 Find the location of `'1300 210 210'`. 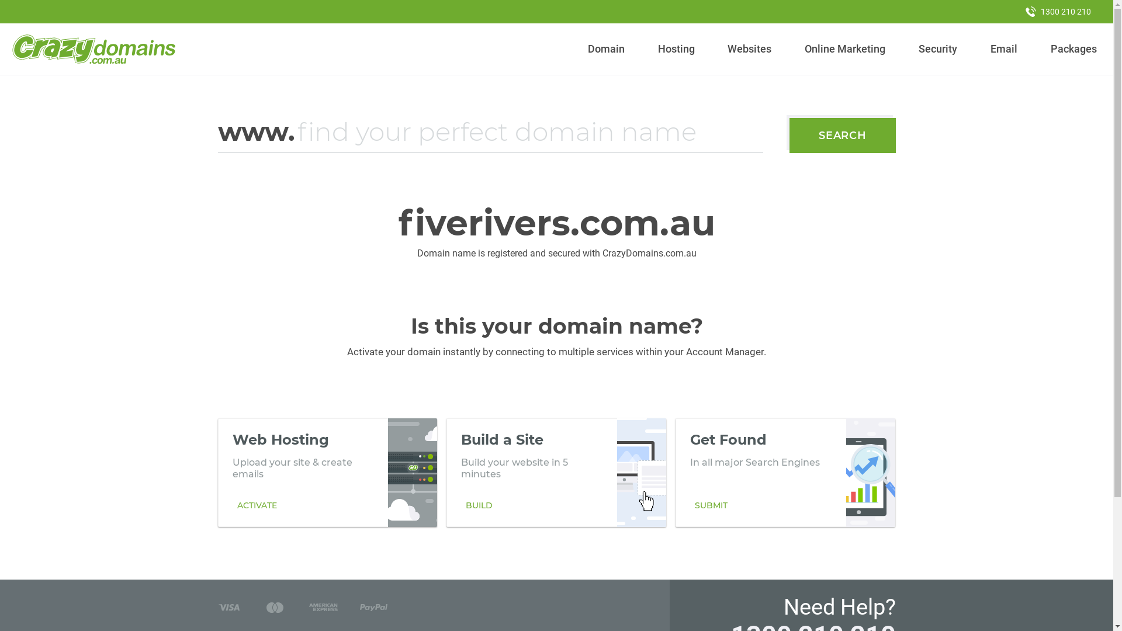

'1300 210 210' is located at coordinates (1014, 11).